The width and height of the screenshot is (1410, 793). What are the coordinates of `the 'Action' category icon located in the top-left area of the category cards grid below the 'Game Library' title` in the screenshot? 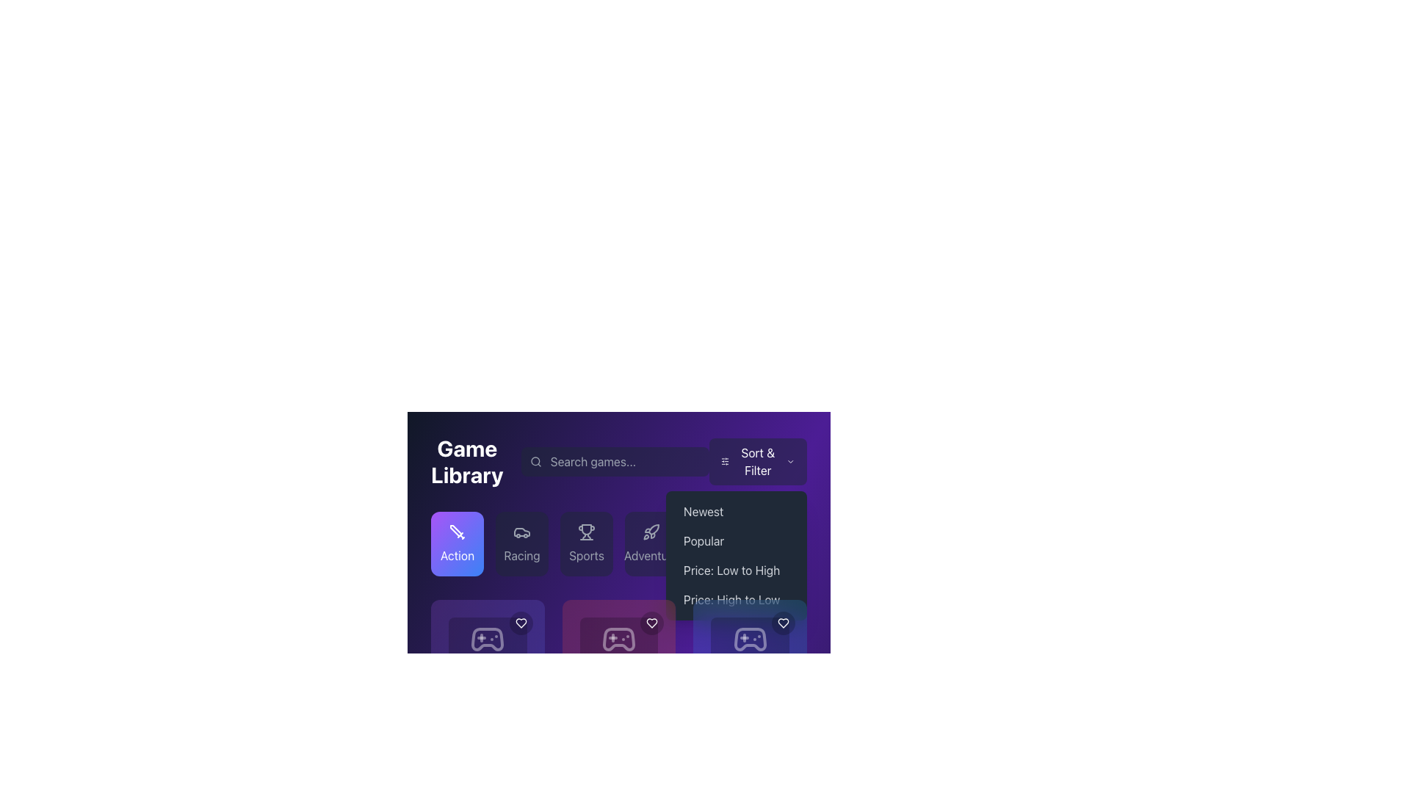 It's located at (457, 532).